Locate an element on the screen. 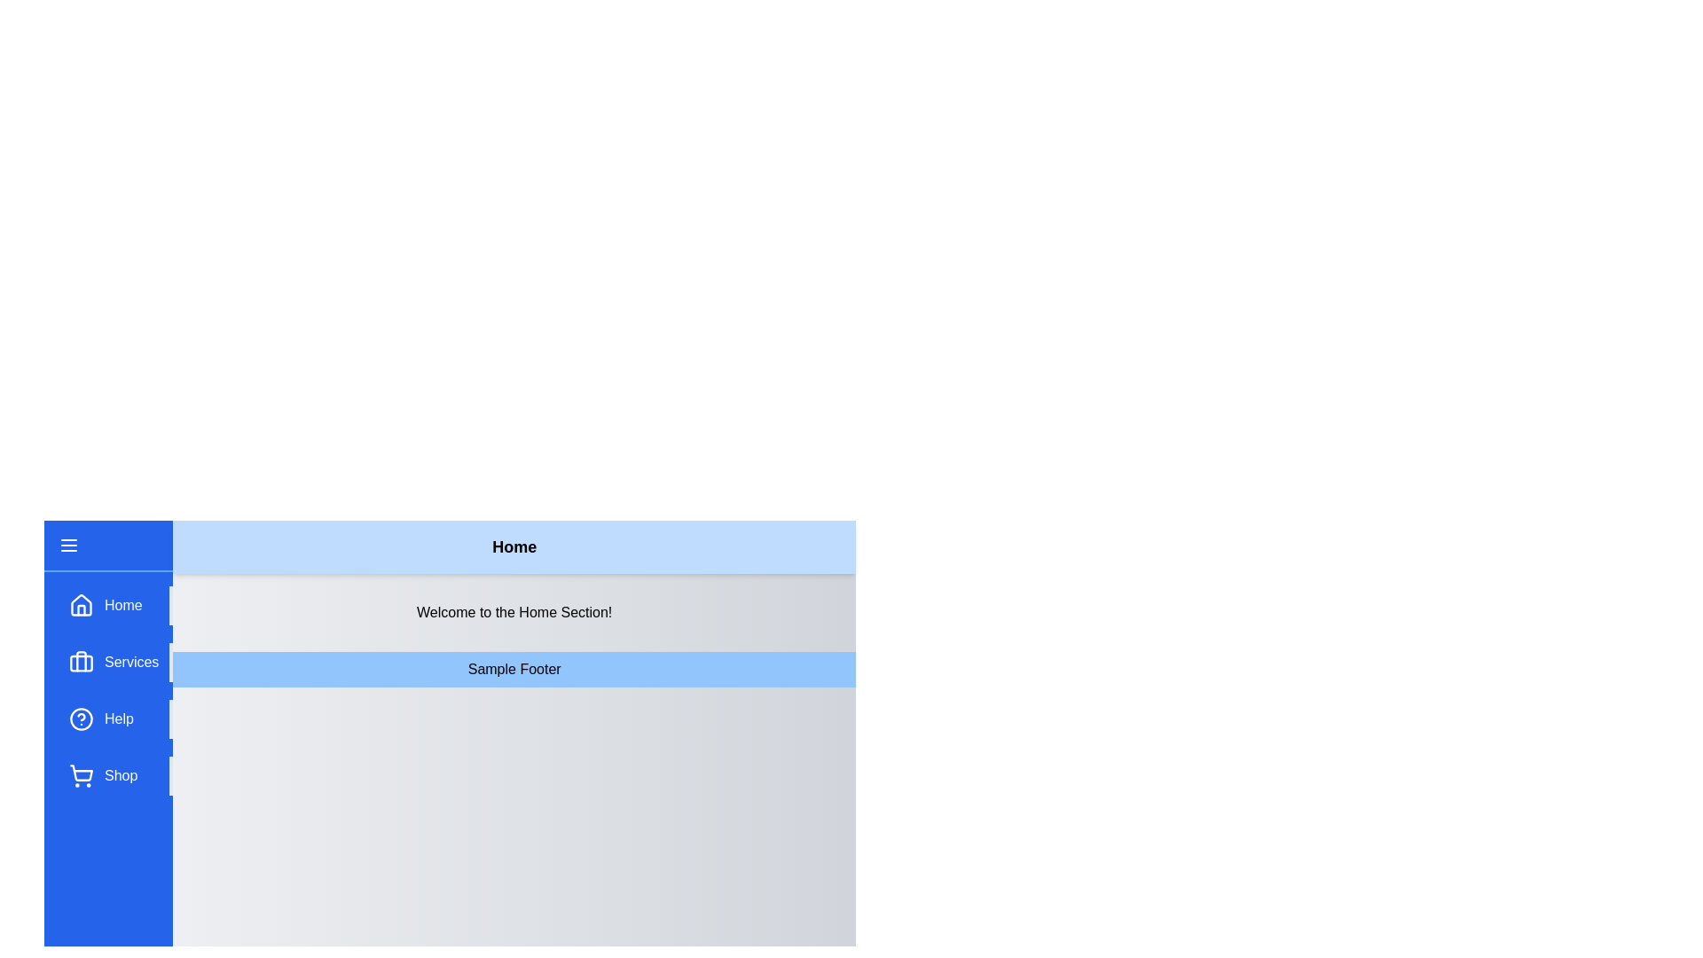 The height and width of the screenshot is (958, 1703). the header section labeled 'Home', which has a light blue background and bold black text, located at the top of the vertical stack in the interface is located at coordinates (514, 546).